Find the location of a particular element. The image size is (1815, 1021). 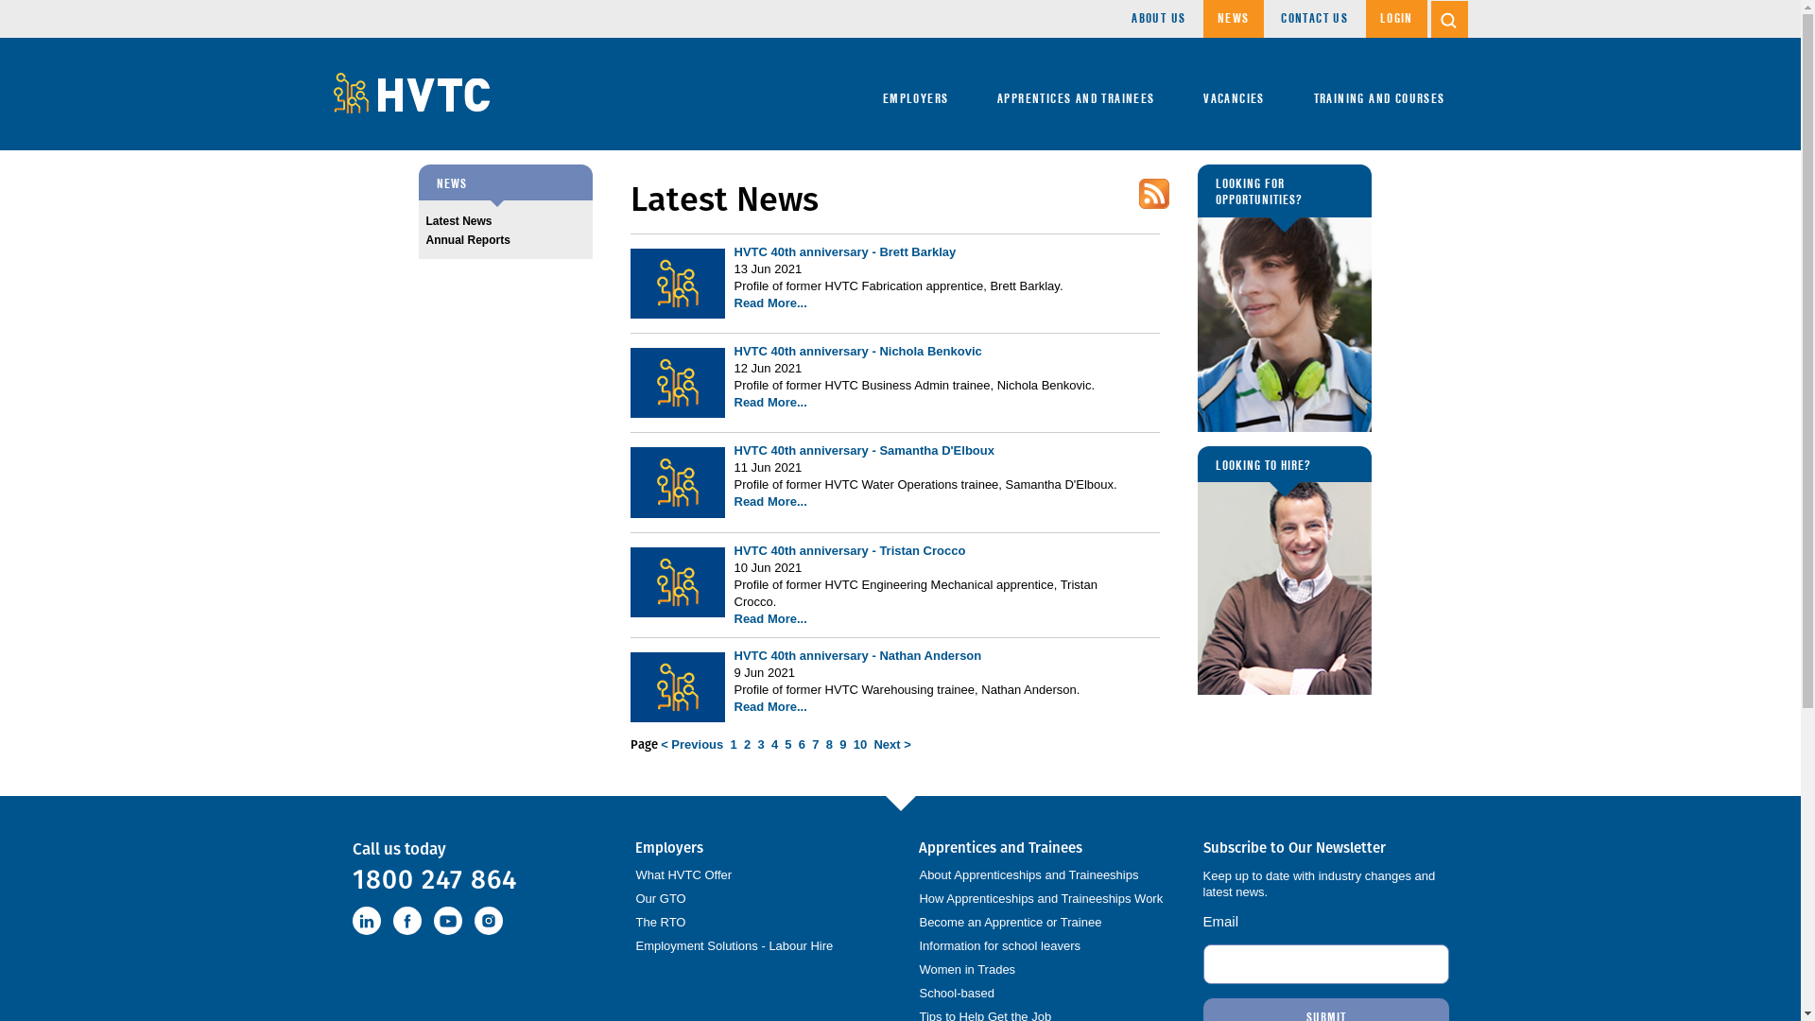

'APPRENTICES AND TRAINEES' is located at coordinates (1076, 94).